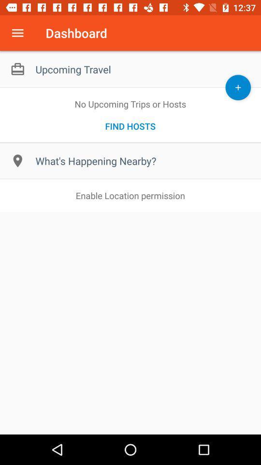 The width and height of the screenshot is (261, 465). I want to click on more information, so click(17, 33).